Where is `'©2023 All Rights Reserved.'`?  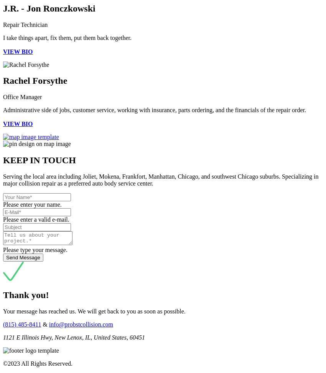
'©2023 All Rights Reserved.' is located at coordinates (37, 363).